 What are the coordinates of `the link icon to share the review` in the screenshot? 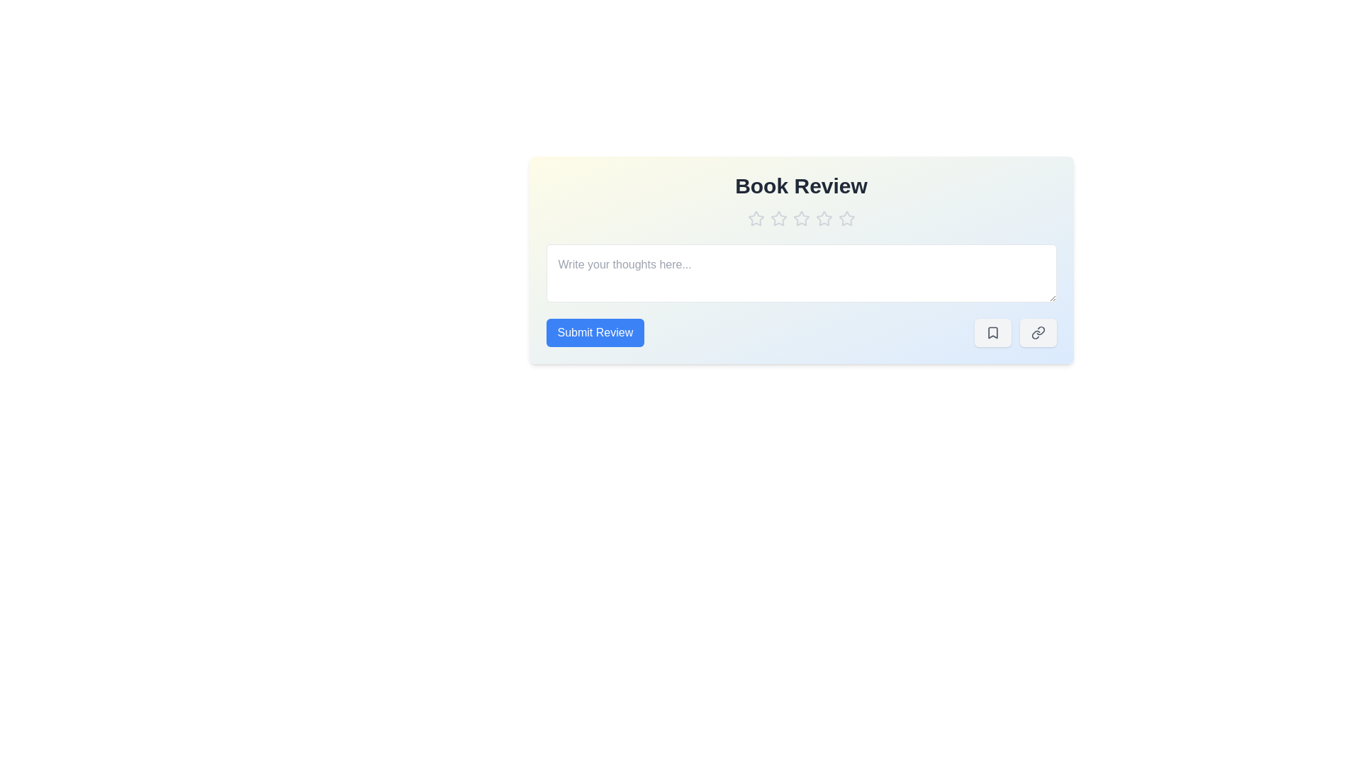 It's located at (1038, 333).